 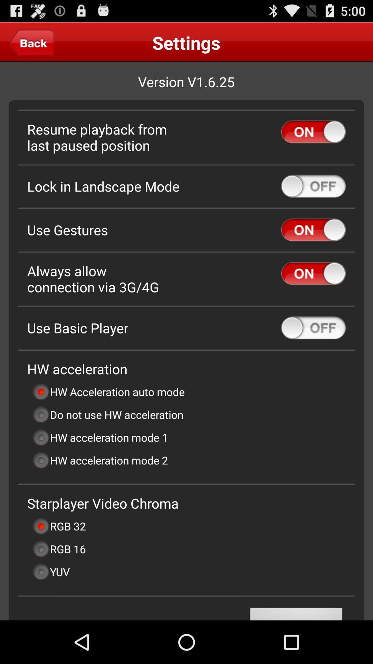 What do you see at coordinates (313, 230) in the screenshot?
I see `use gestures` at bounding box center [313, 230].